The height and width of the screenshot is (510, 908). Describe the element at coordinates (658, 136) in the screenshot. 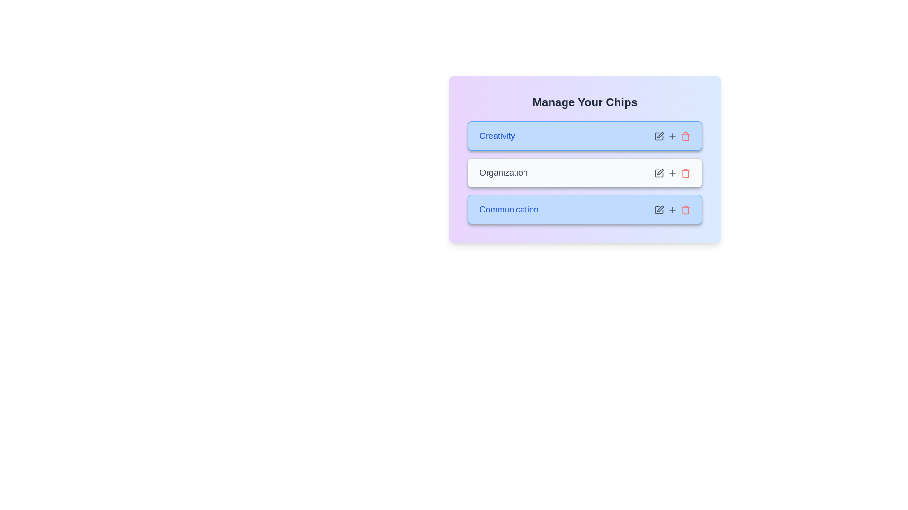

I see `edit icon for the chip labeled Creativity` at that location.